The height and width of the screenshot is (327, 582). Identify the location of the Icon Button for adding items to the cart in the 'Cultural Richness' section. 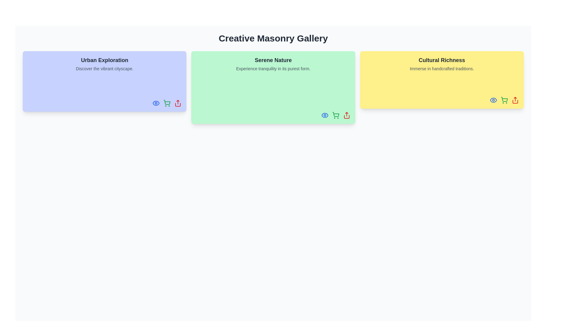
(504, 100).